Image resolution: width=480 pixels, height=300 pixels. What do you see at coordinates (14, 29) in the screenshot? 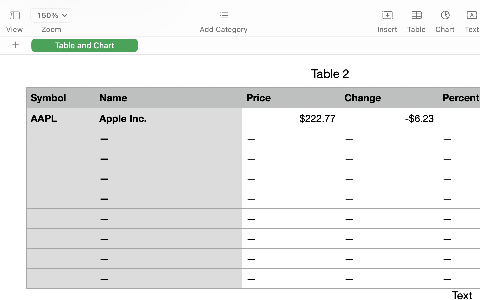
I see `'View'` at bounding box center [14, 29].